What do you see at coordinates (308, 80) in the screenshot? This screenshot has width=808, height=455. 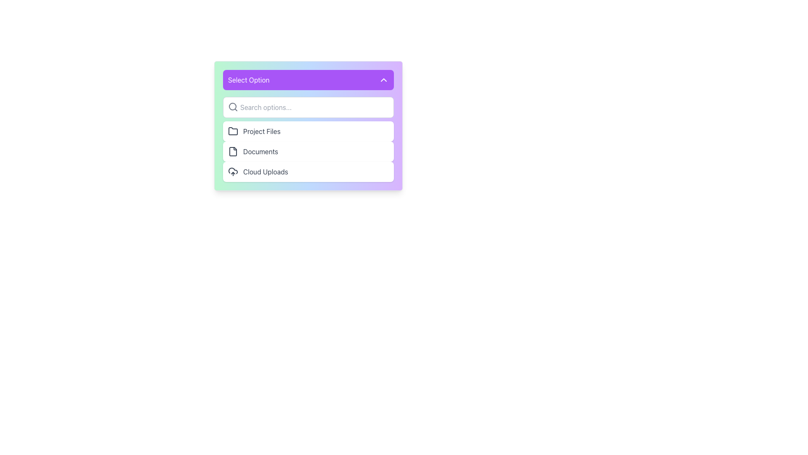 I see `the Dropdown toggle button with purple background and white text 'Select Option'` at bounding box center [308, 80].